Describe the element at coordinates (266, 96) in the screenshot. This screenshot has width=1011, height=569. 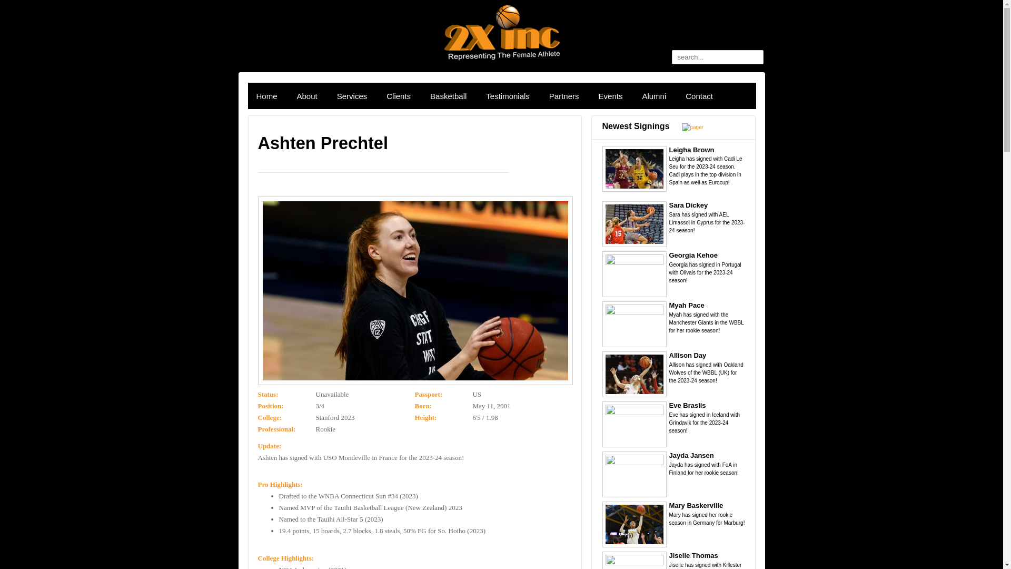
I see `'Home'` at that location.